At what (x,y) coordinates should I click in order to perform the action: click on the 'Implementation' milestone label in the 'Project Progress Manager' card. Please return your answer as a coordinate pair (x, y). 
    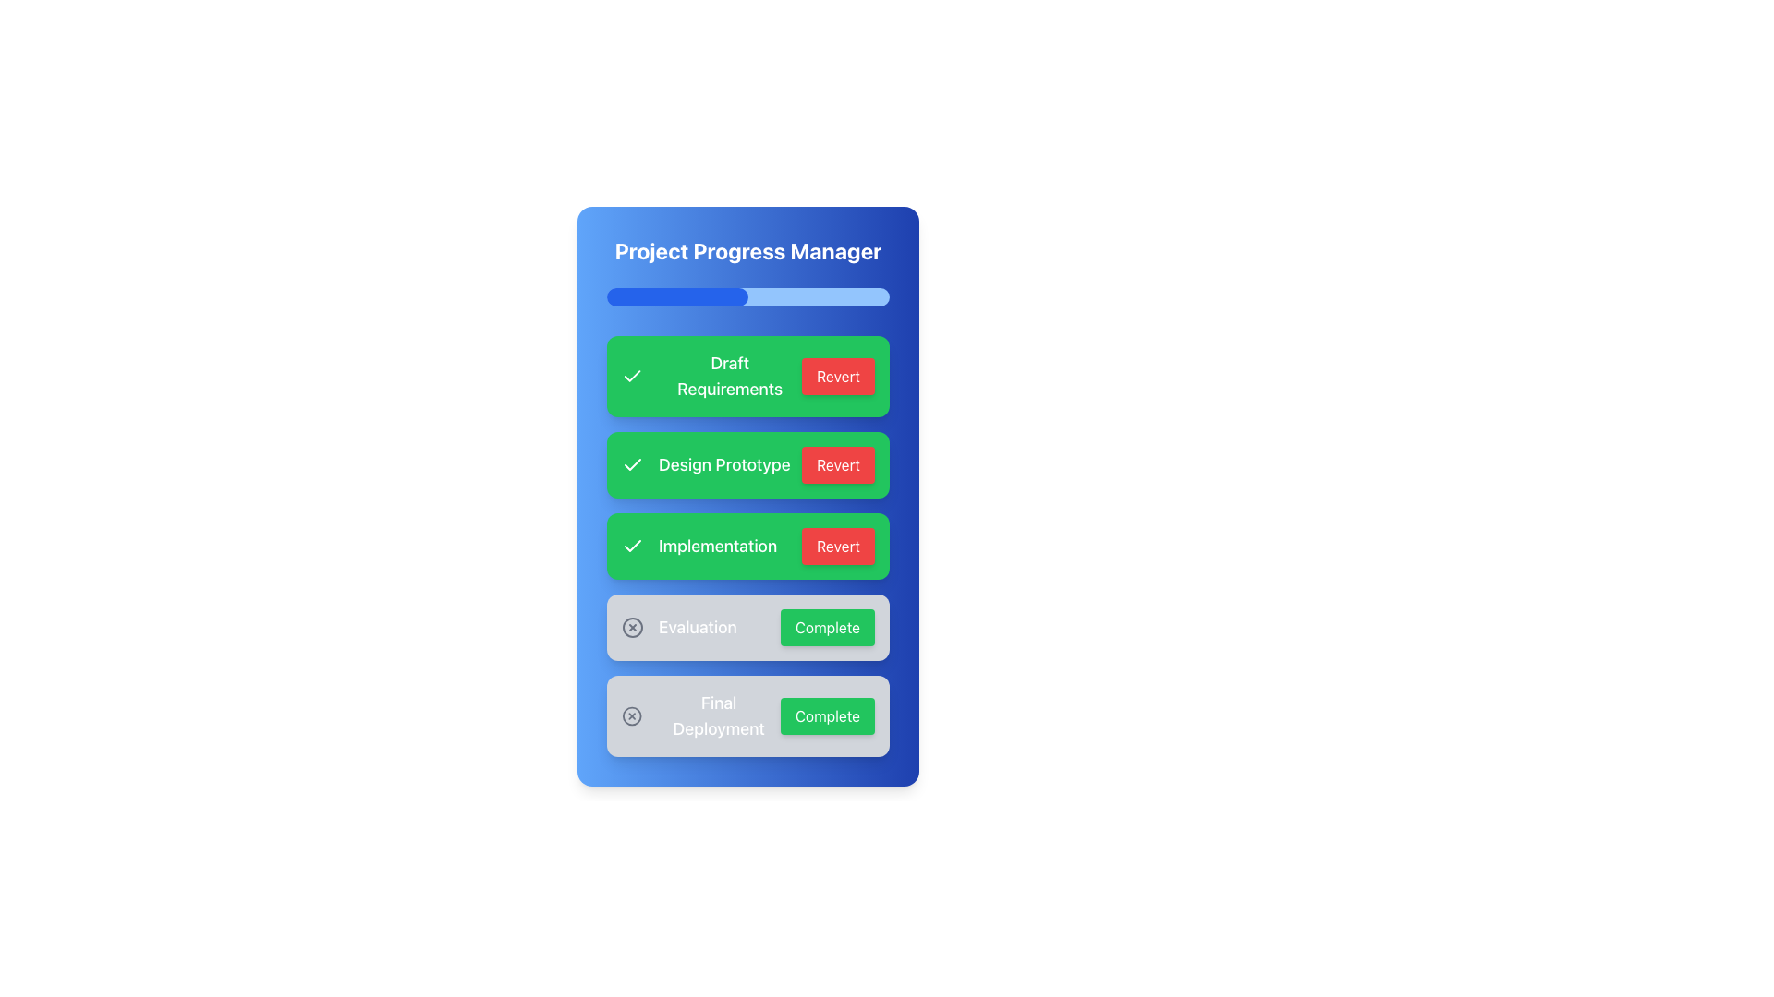
    Looking at the image, I should click on (748, 545).